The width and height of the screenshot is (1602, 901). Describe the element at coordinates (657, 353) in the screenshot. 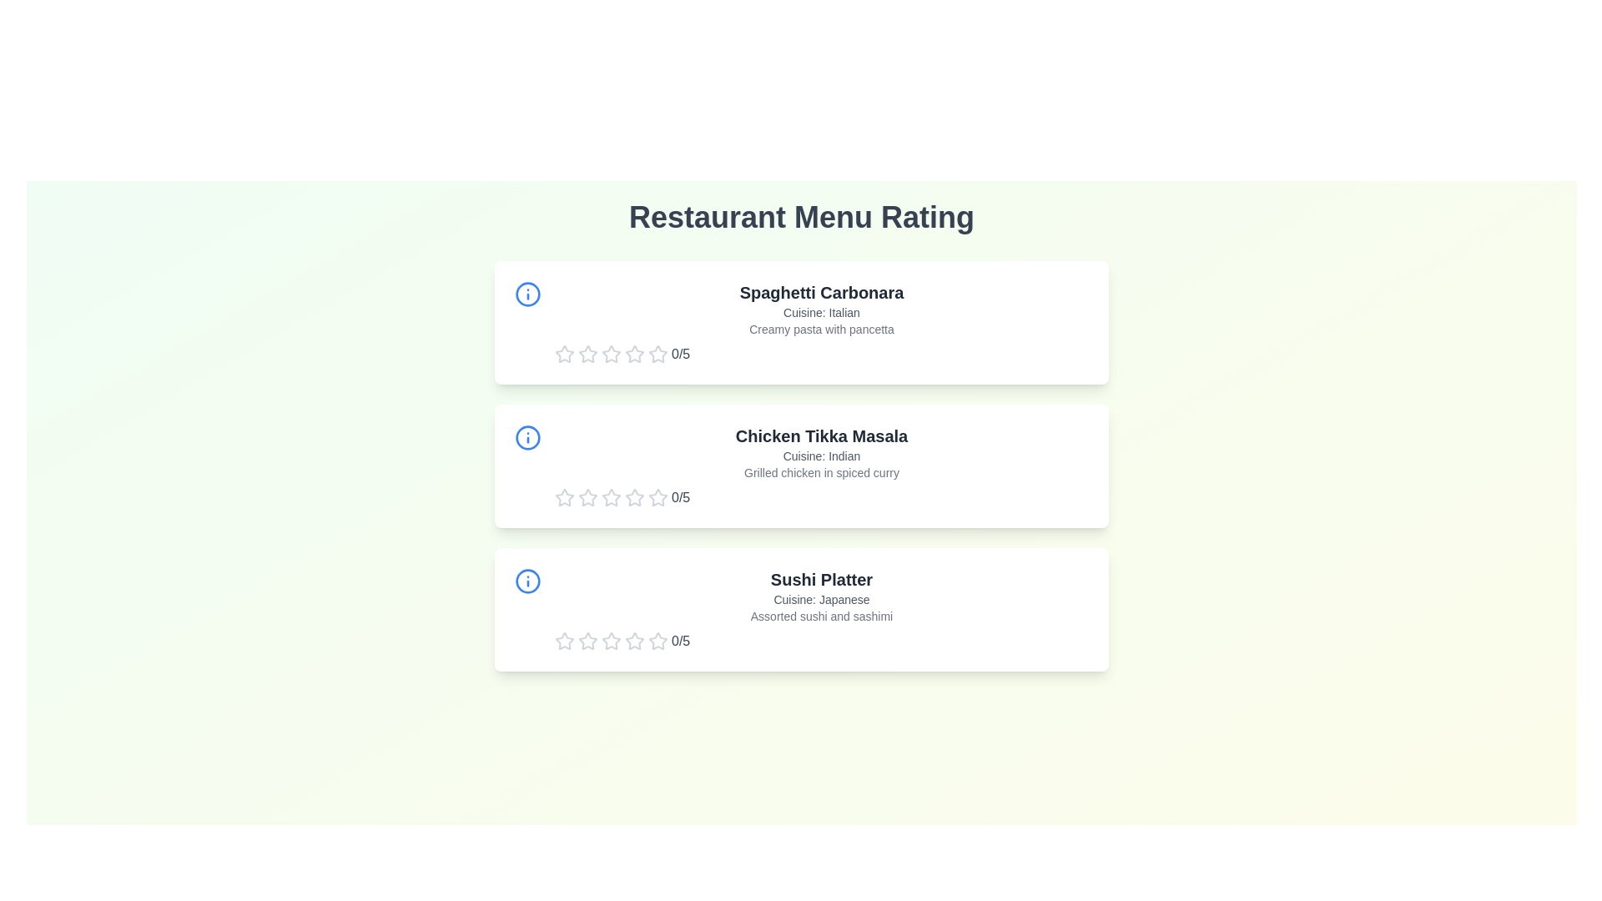

I see `the rating of a menu item to 5 stars` at that location.